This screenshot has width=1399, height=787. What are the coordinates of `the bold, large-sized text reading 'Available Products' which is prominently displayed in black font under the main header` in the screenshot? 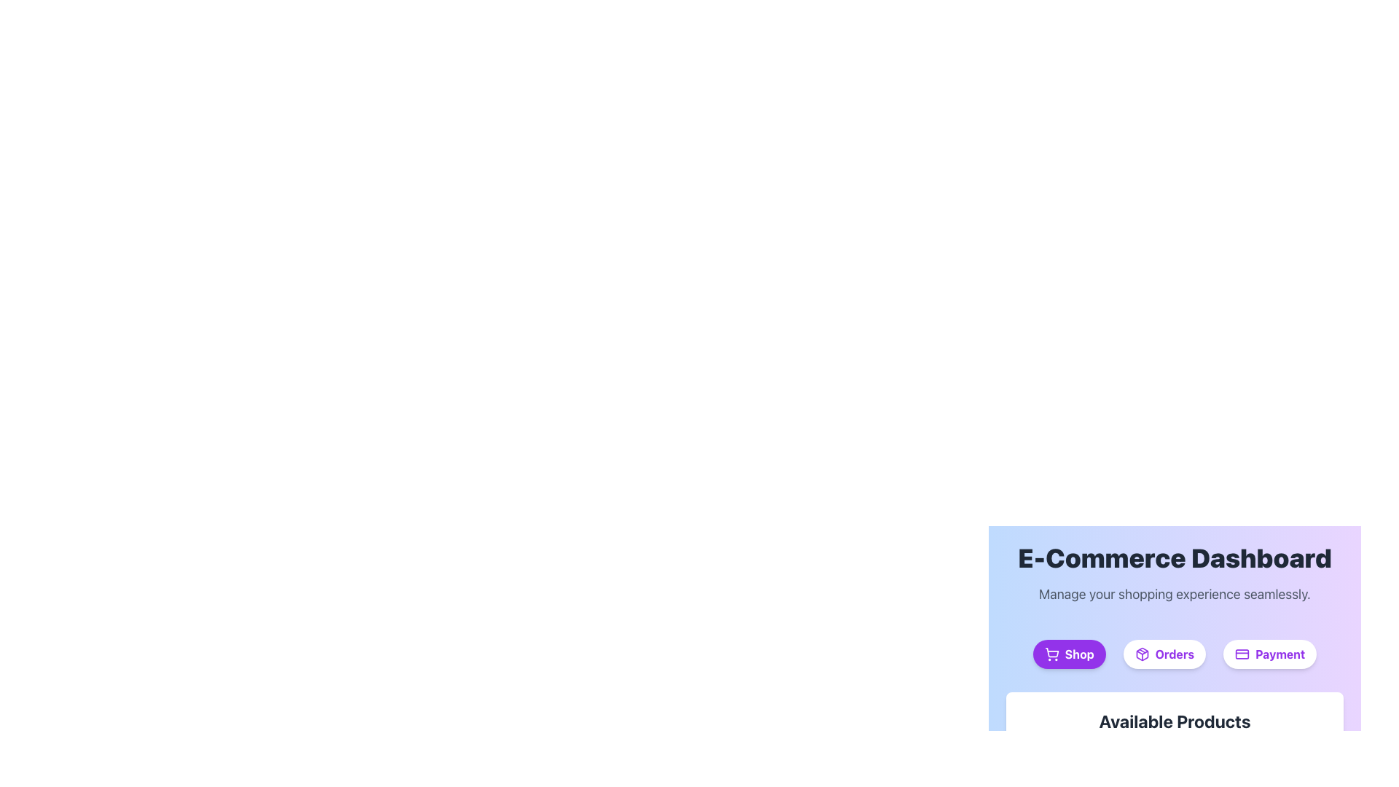 It's located at (1175, 721).